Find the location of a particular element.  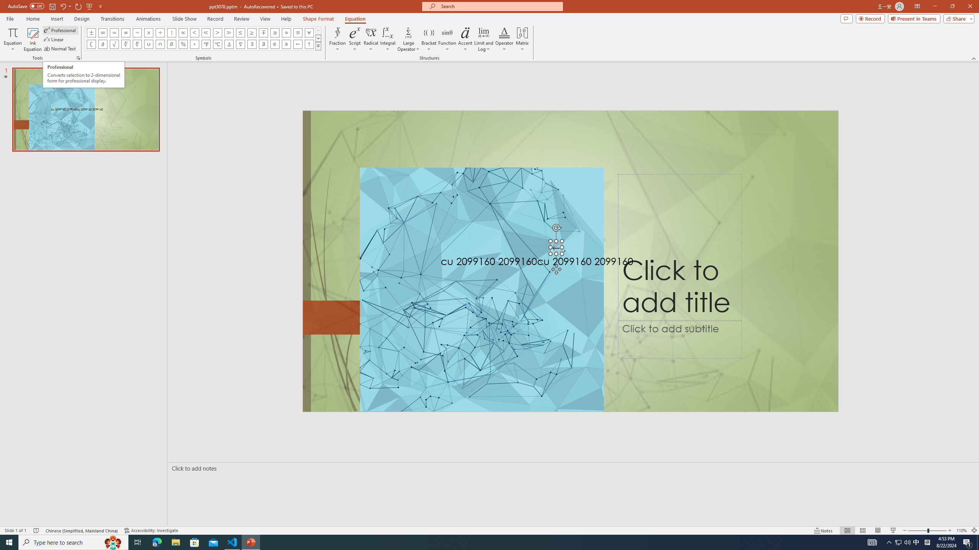

'Equation Symbol Union' is located at coordinates (148, 44).